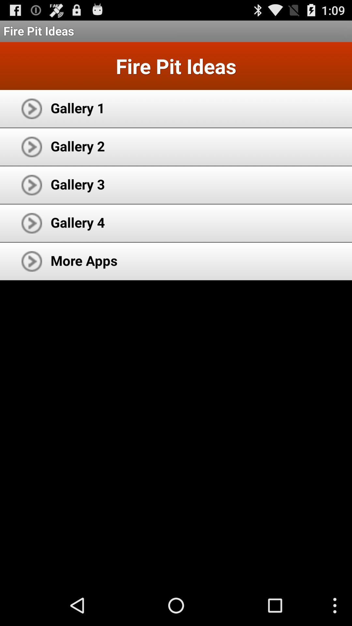  Describe the element at coordinates (77, 108) in the screenshot. I see `gallery 1 icon` at that location.